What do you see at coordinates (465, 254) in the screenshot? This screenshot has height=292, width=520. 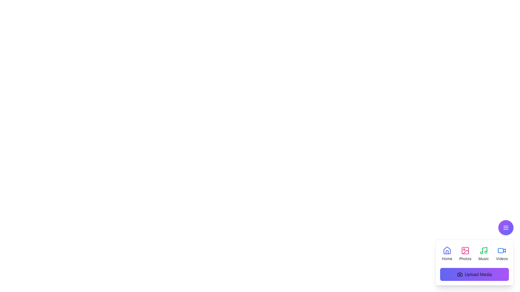 I see `the photo management button located in the second column of the four-column grid layout at the bottom-right corner of the interface to change its background color` at bounding box center [465, 254].